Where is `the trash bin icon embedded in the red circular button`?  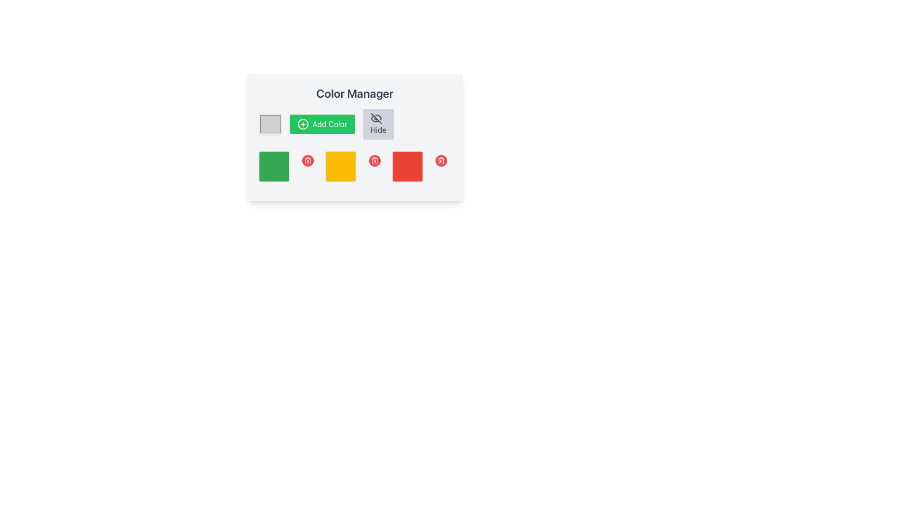
the trash bin icon embedded in the red circular button is located at coordinates (441, 160).